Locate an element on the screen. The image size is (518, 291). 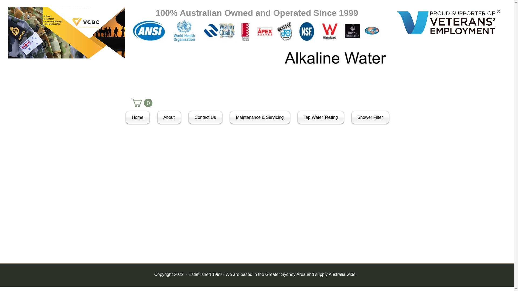
'Shower Filter' is located at coordinates (367, 117).